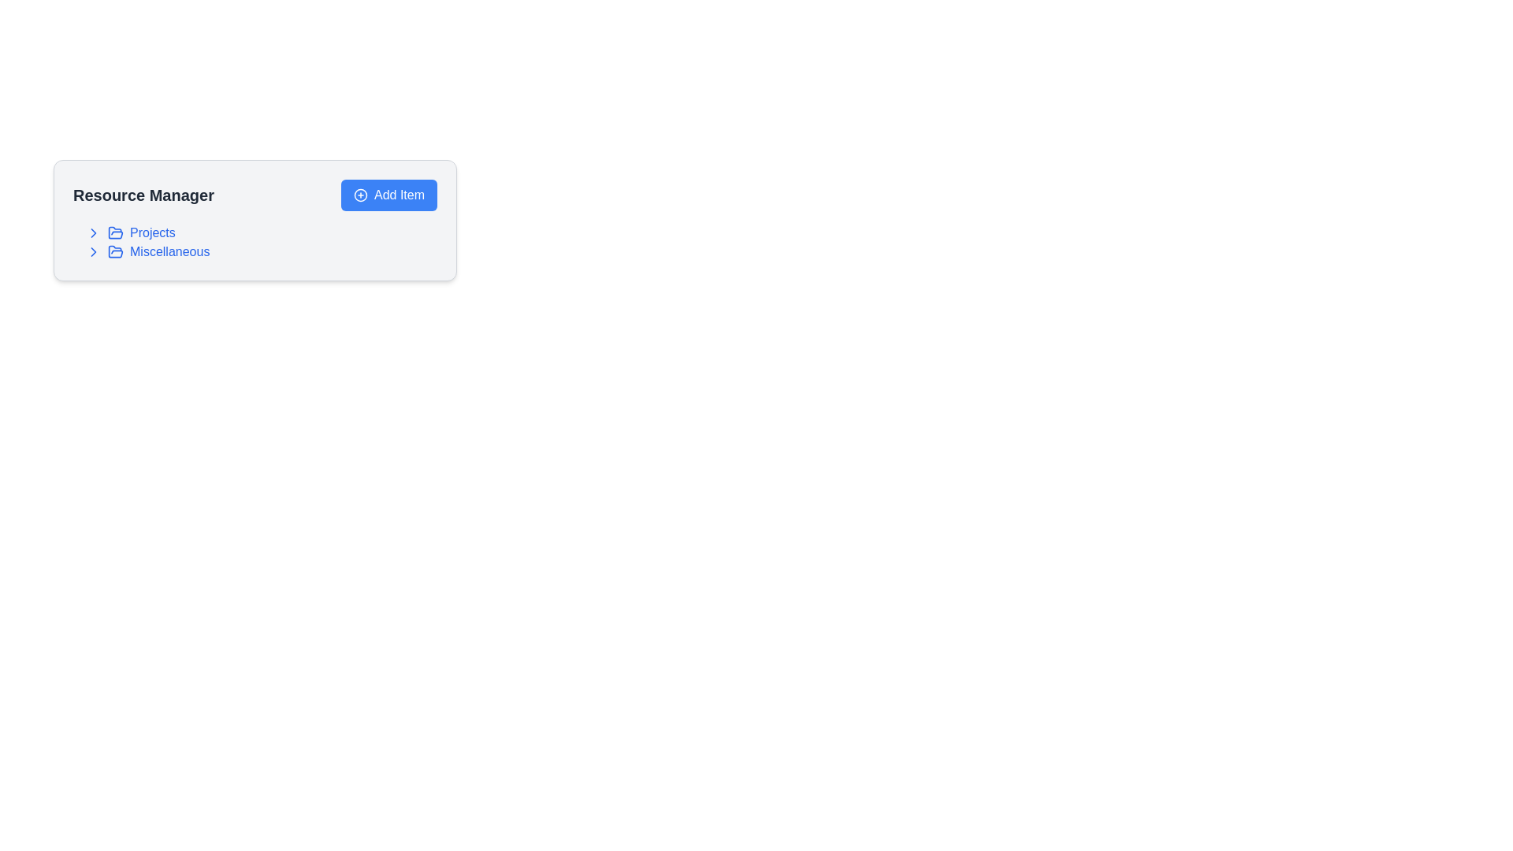  Describe the element at coordinates (169, 251) in the screenshot. I see `the second clickable label or link in the 'Resource Manager' sidebar` at that location.